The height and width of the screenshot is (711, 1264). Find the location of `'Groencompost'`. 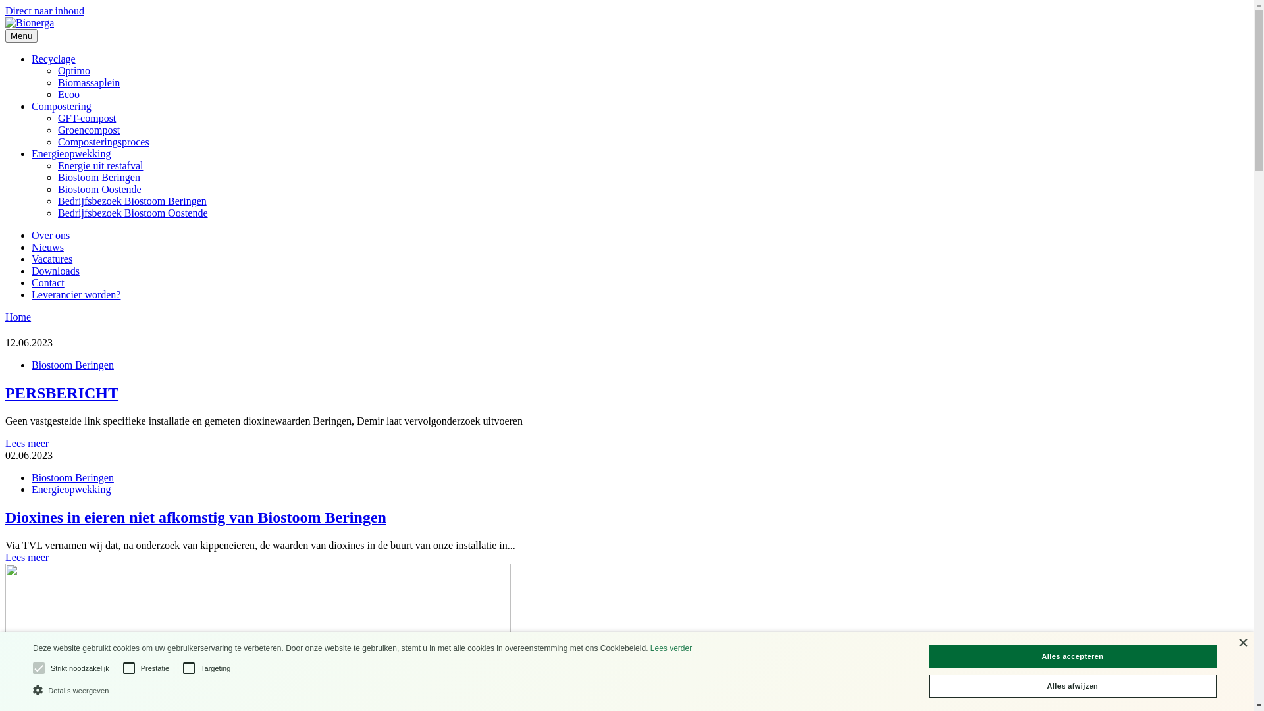

'Groencompost' is located at coordinates (88, 130).